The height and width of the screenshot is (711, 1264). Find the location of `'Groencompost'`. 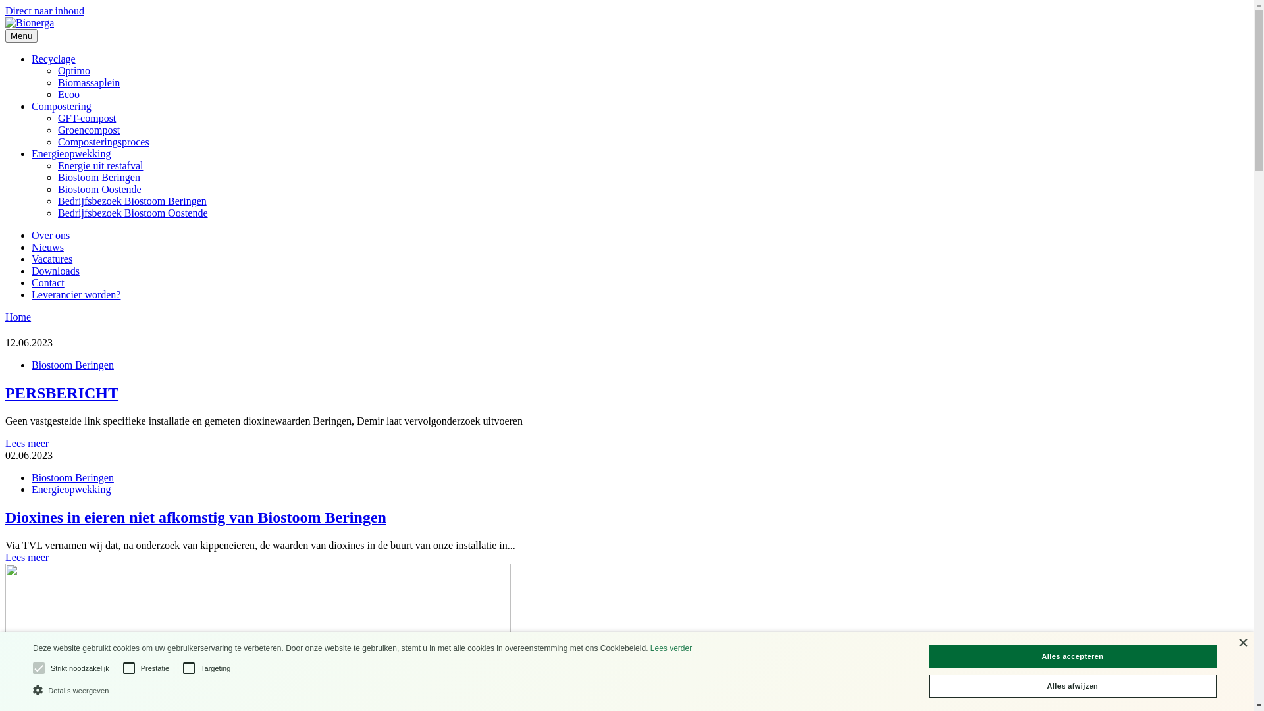

'Groencompost' is located at coordinates (88, 130).